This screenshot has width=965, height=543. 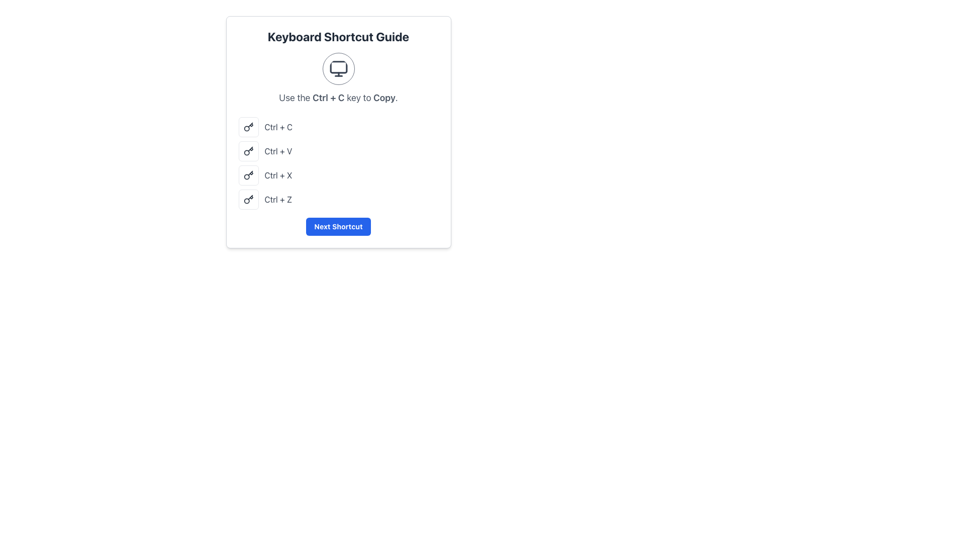 What do you see at coordinates (278, 127) in the screenshot?
I see `the text label displaying the 'Ctrl + C' keyboard shortcut, which is the first text element in a list of keyboard shortcuts located to the right of a key icon` at bounding box center [278, 127].